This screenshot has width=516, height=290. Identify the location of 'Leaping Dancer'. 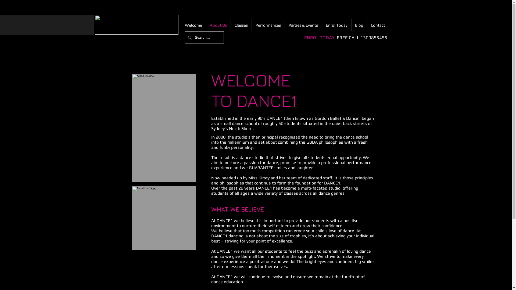
(163, 128).